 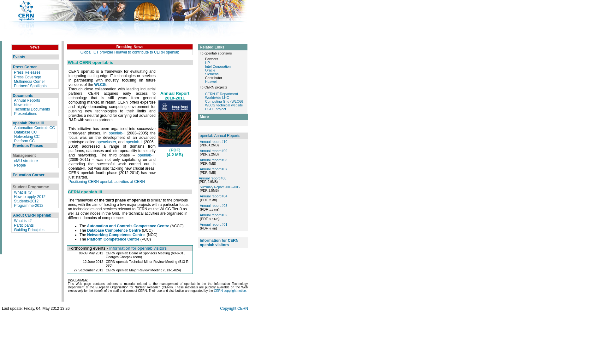 What do you see at coordinates (34, 47) in the screenshot?
I see `'News'` at bounding box center [34, 47].